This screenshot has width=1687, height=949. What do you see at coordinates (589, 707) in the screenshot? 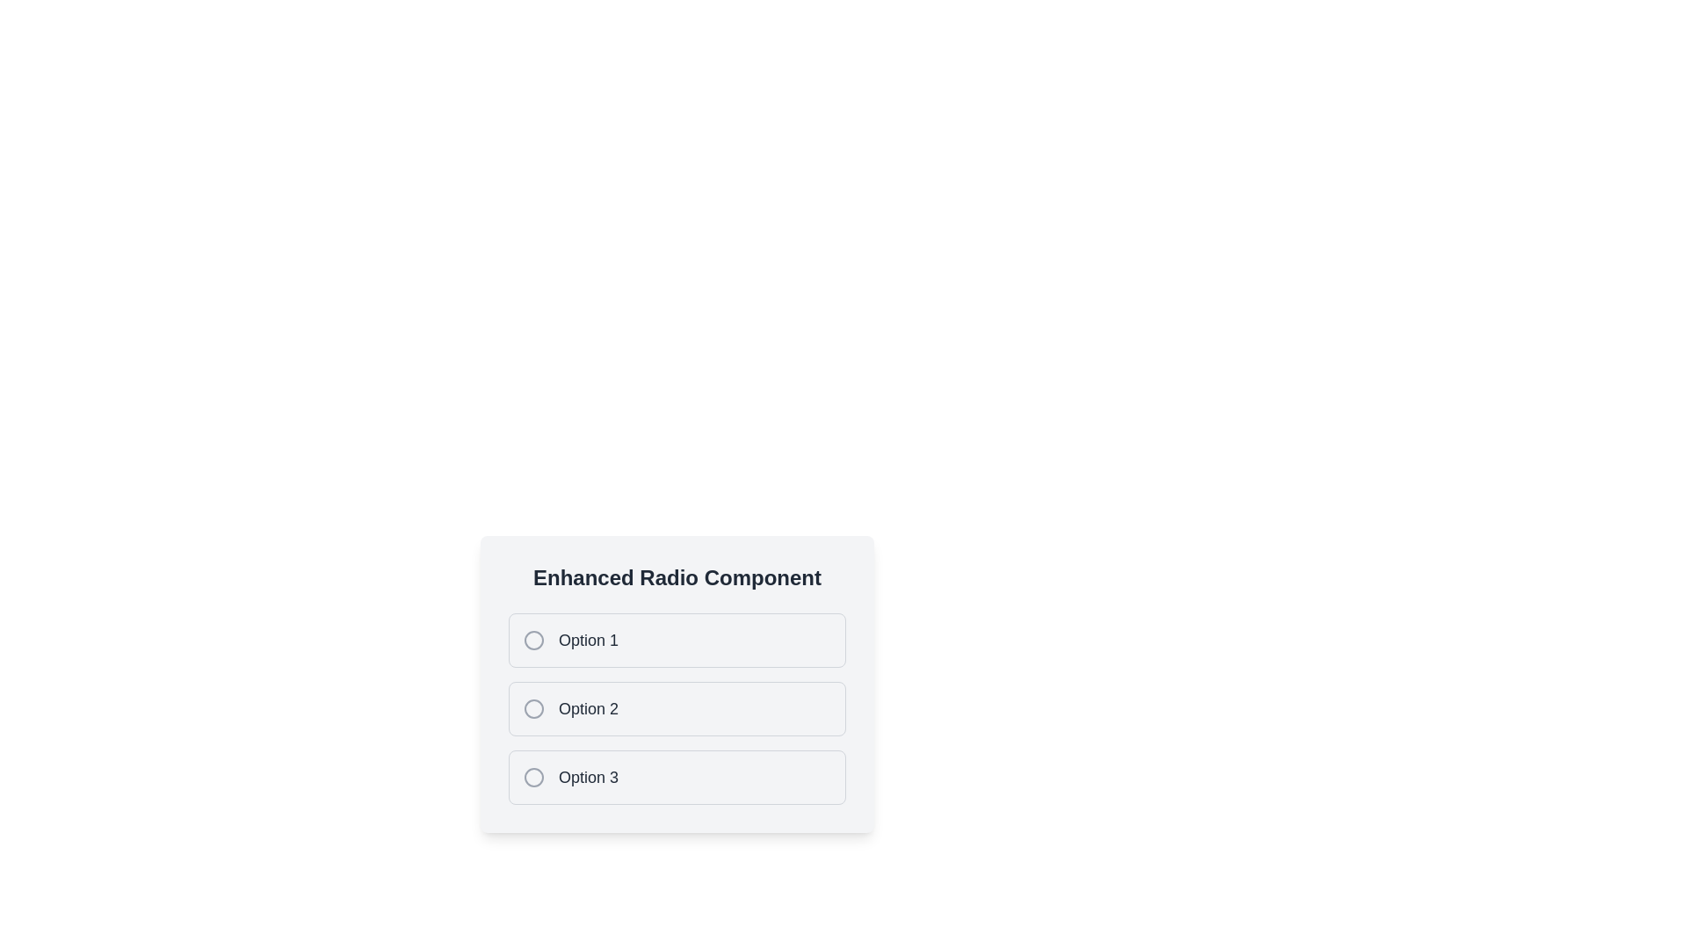
I see `the static text label for the second option in the selectable list, which is positioned to the right of a circular radio button icon` at bounding box center [589, 707].